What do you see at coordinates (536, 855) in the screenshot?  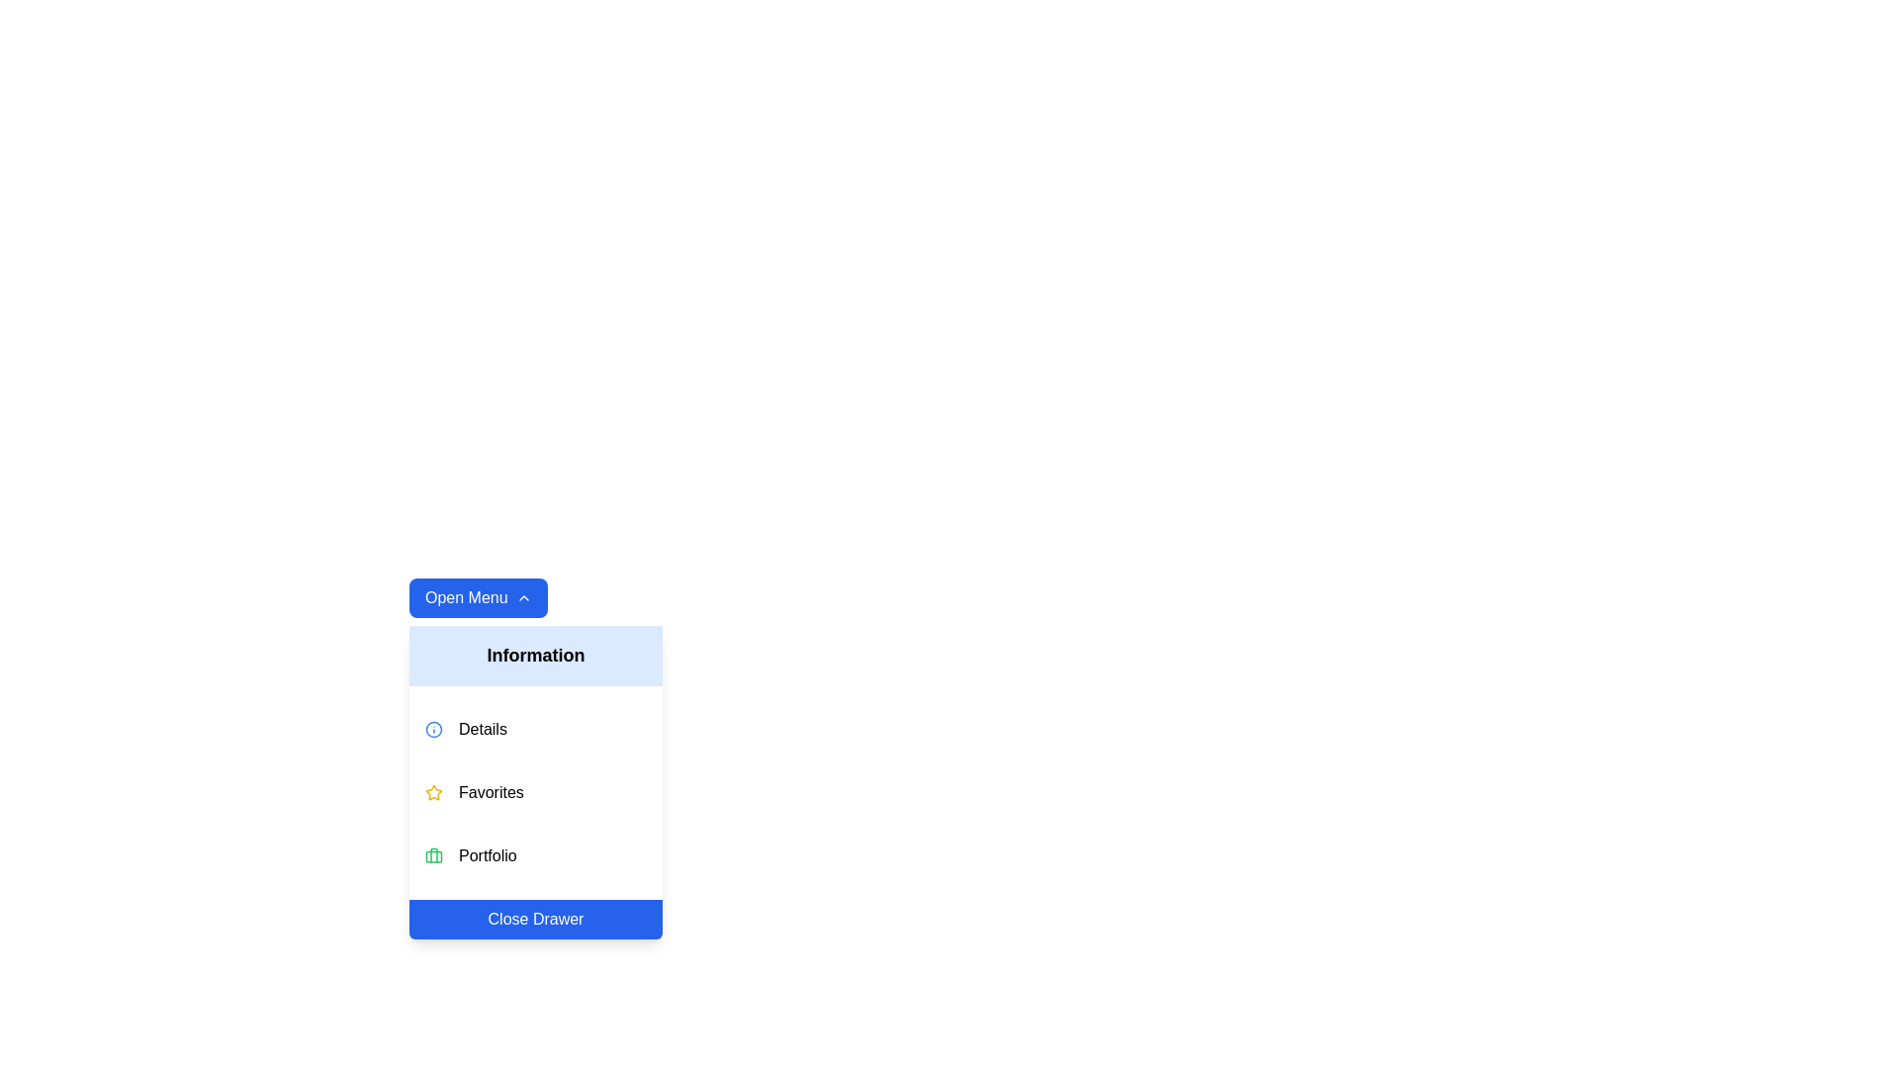 I see `the 'Portfolio' button within the vertical menu section under 'Information'` at bounding box center [536, 855].